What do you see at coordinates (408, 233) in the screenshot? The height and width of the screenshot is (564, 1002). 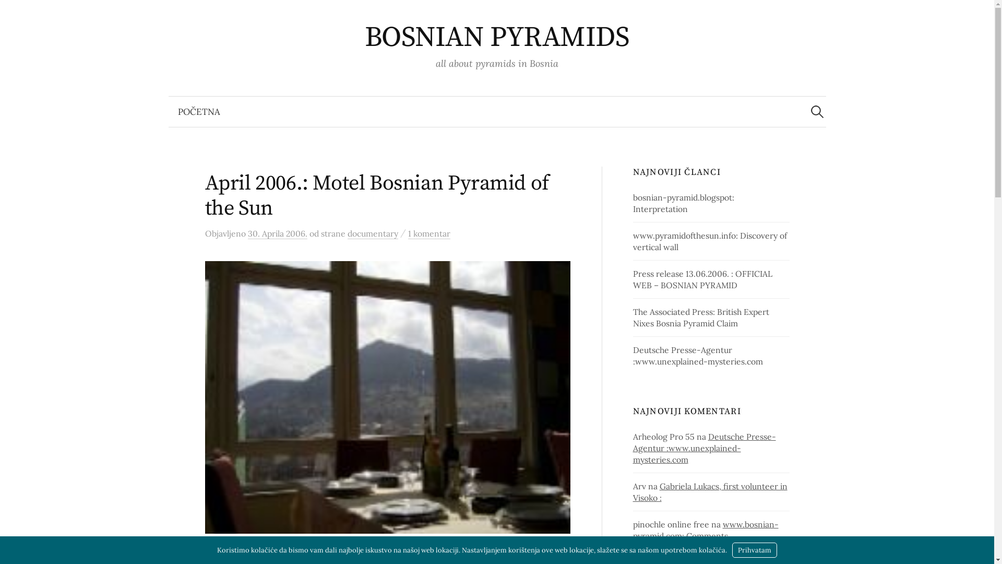 I see `'1 komentar` at bounding box center [408, 233].